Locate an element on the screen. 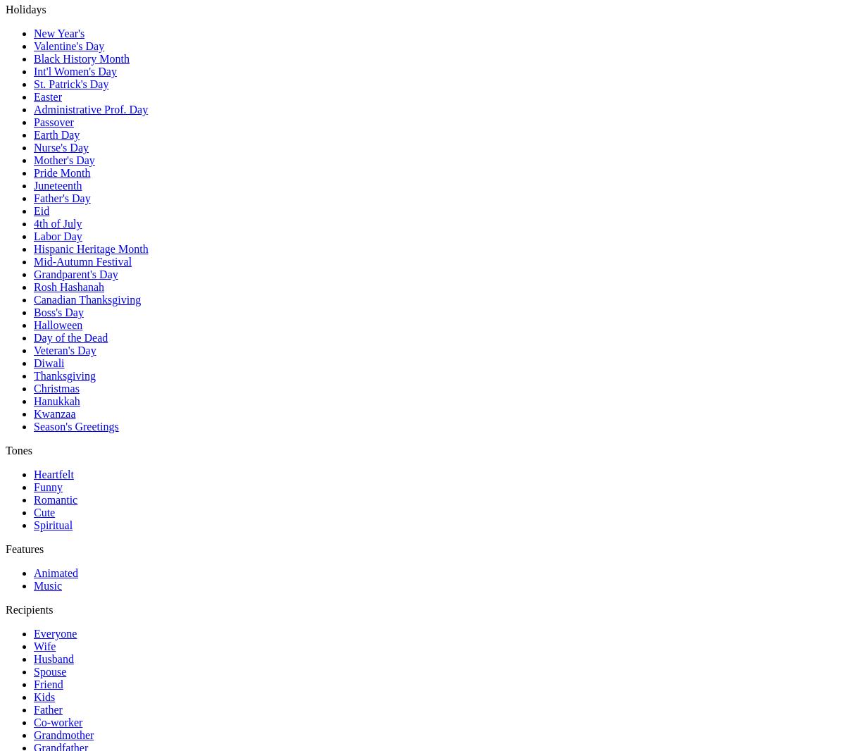  'Black History Month' is located at coordinates (34, 58).